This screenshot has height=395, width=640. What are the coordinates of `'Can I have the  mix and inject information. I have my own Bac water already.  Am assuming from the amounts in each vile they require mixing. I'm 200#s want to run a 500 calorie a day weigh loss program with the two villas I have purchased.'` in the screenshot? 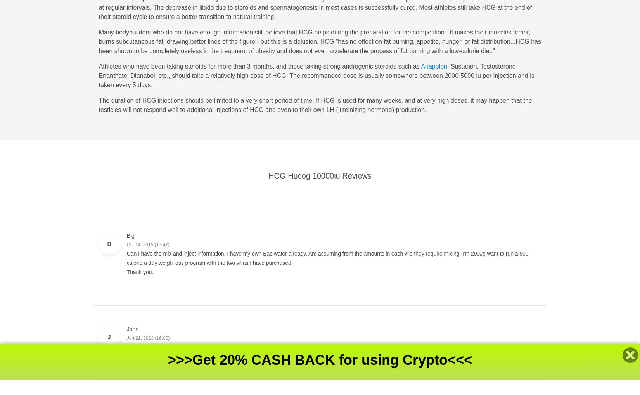 It's located at (327, 258).